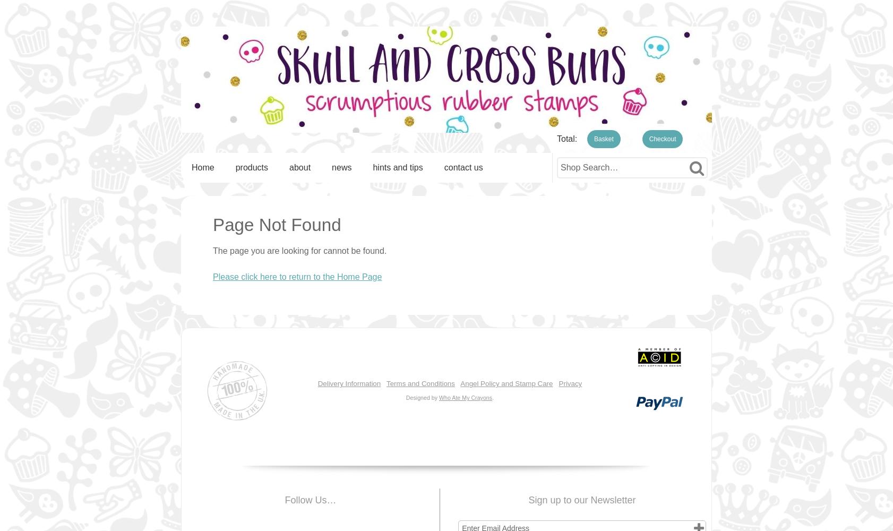 The image size is (893, 531). What do you see at coordinates (251, 167) in the screenshot?
I see `'products'` at bounding box center [251, 167].